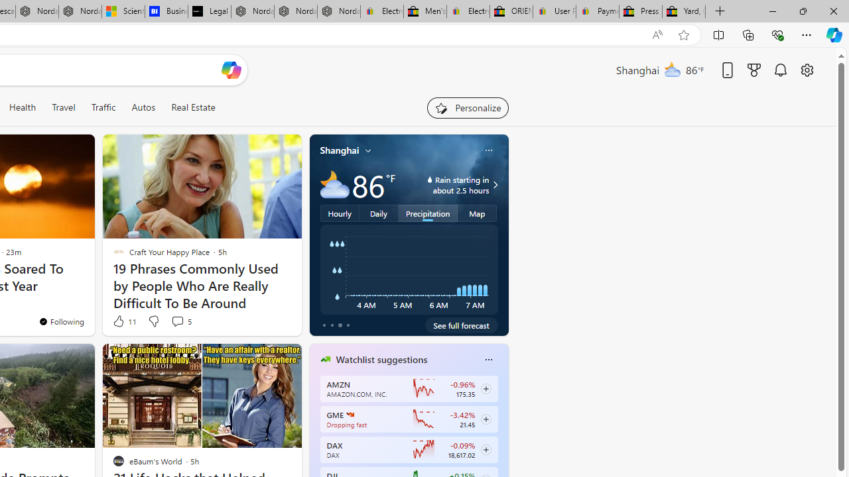 This screenshot has height=477, width=849. What do you see at coordinates (428, 212) in the screenshot?
I see `'Precipitation'` at bounding box center [428, 212].